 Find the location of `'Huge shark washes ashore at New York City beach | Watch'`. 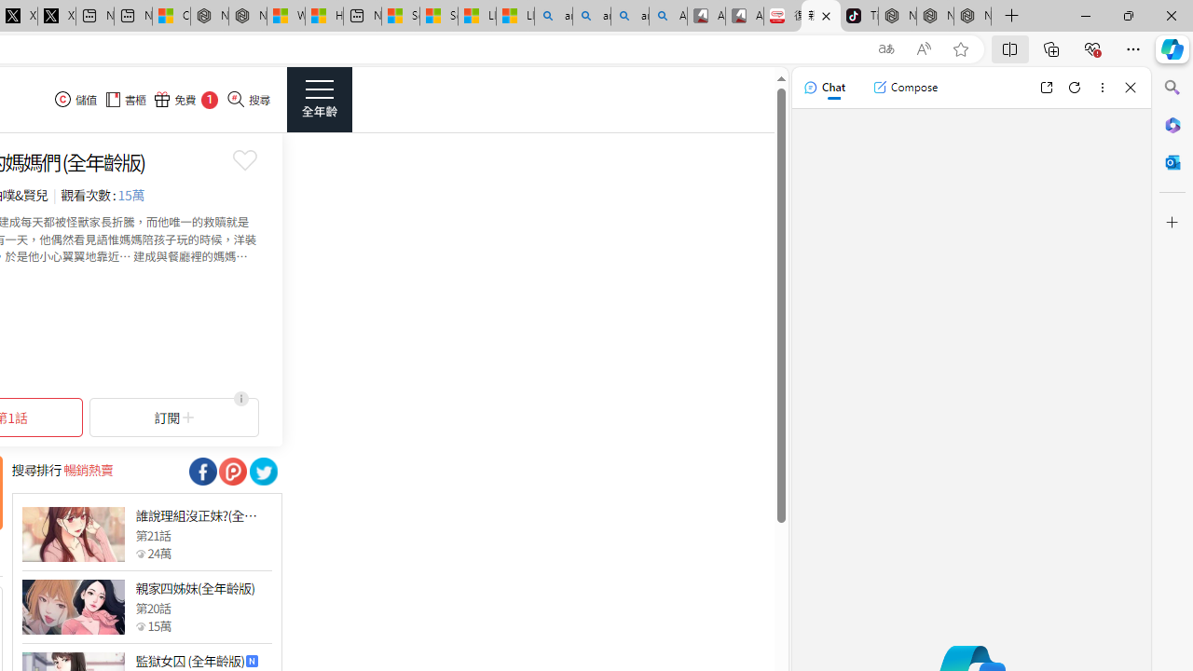

'Huge shark washes ashore at New York City beach | Watch' is located at coordinates (324, 16).